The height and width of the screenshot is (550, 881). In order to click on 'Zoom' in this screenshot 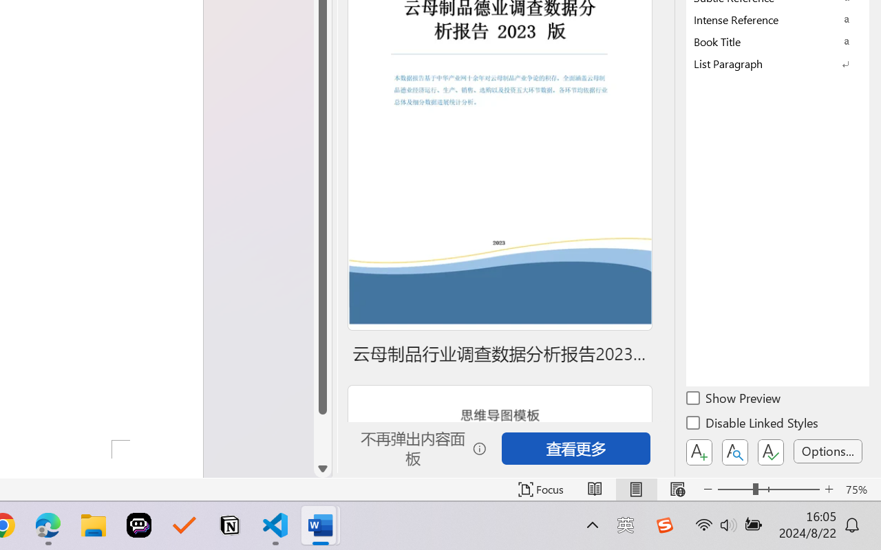, I will do `click(767, 489)`.